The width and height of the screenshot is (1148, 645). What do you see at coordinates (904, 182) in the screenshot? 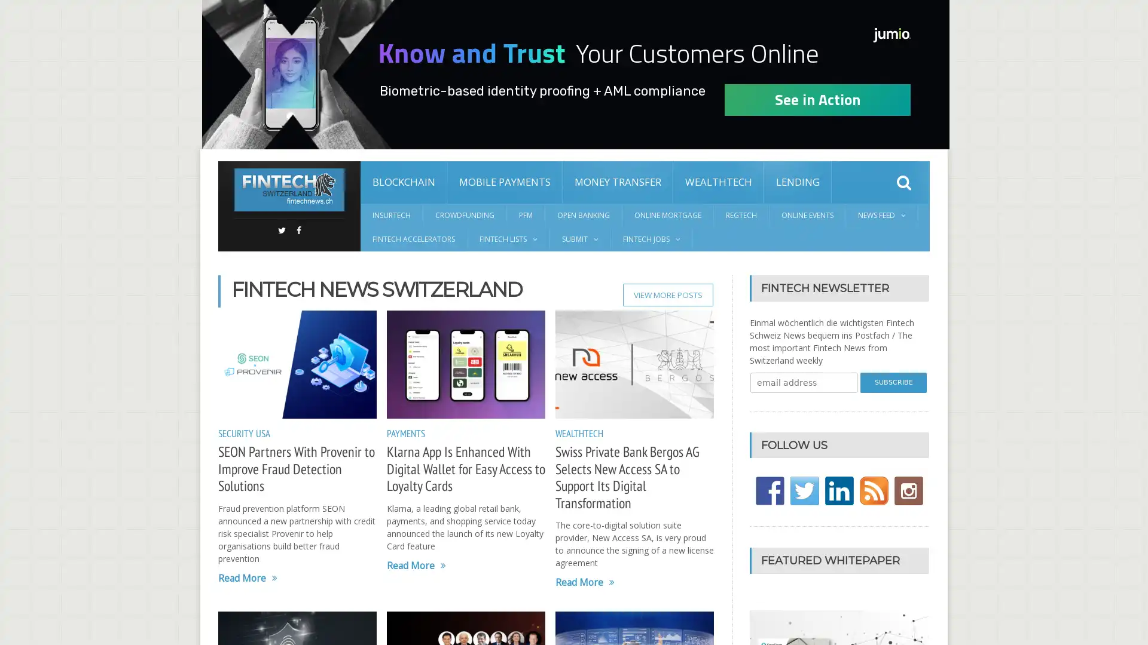
I see `Search` at bounding box center [904, 182].